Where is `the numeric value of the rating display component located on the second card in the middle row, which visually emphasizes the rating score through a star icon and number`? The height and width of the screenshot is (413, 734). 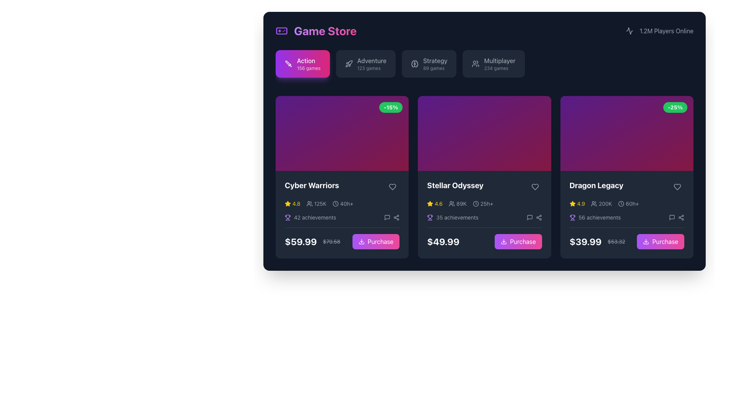
the numeric value of the rating display component located on the second card in the middle row, which visually emphasizes the rating score through a star icon and number is located at coordinates (435, 203).